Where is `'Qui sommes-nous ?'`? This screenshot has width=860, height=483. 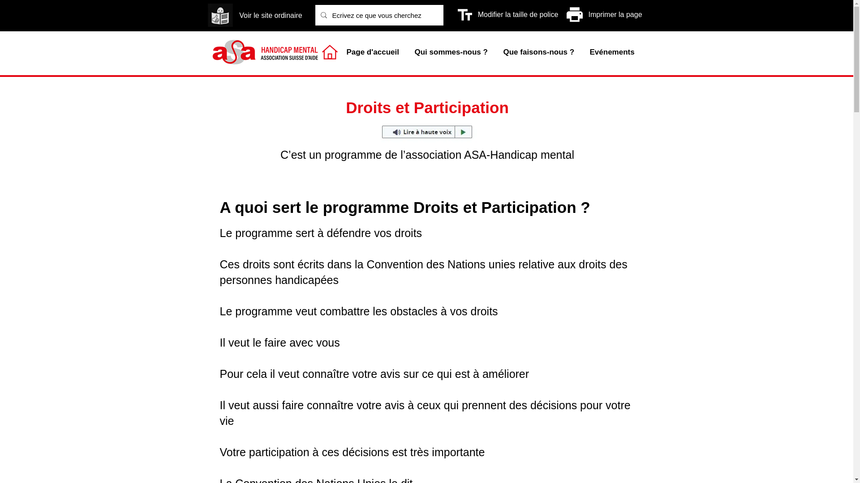
'Qui sommes-nous ?' is located at coordinates (451, 52).